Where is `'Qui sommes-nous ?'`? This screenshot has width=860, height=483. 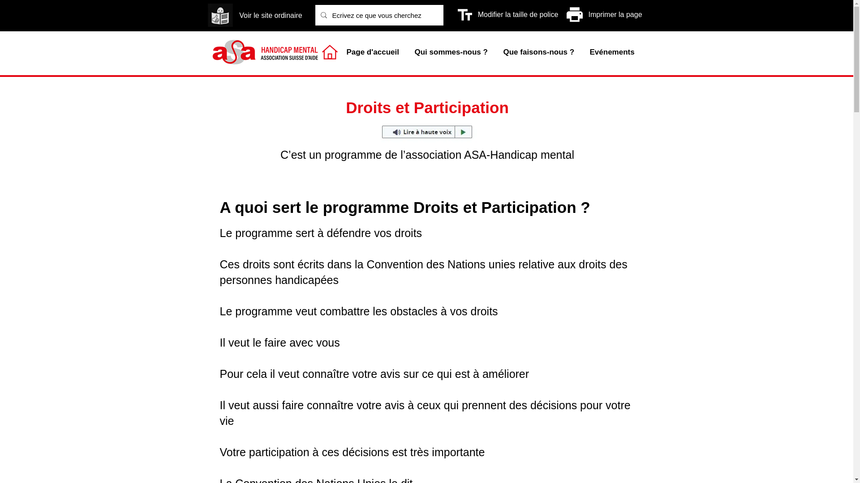
'Qui sommes-nous ?' is located at coordinates (451, 52).